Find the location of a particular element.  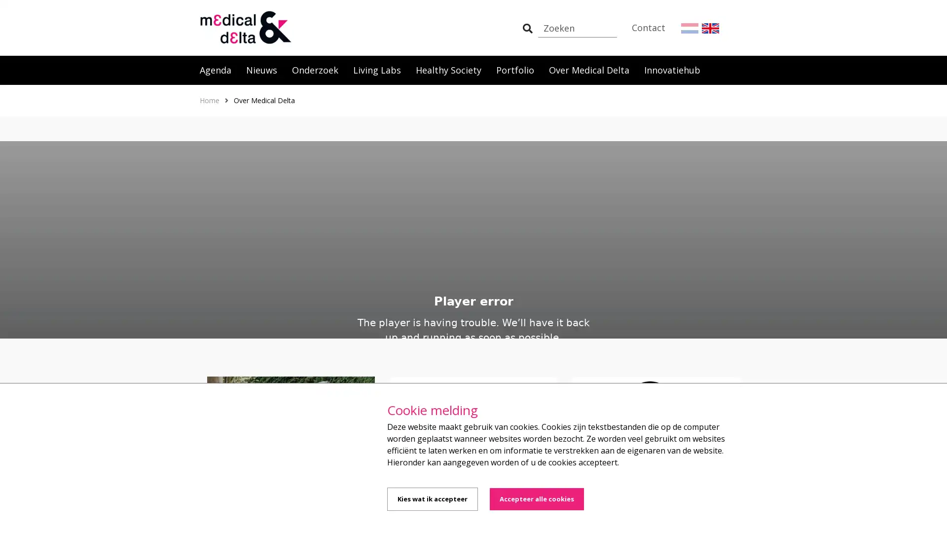

Kies wat ik accepteer is located at coordinates (433, 499).